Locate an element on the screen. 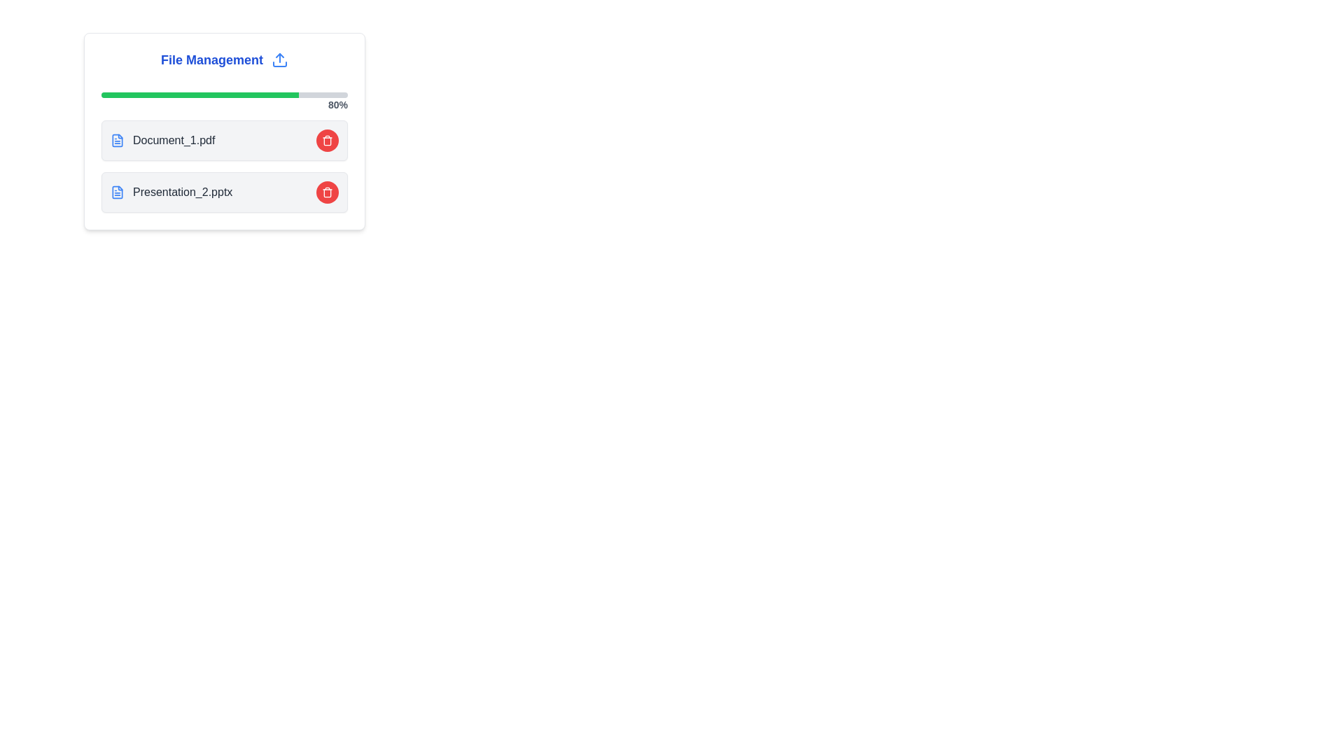 The width and height of the screenshot is (1344, 756). the trash icon button with a red circular background located on the right side of the second listed file ('Presentation_2.pptx') is located at coordinates (326, 140).